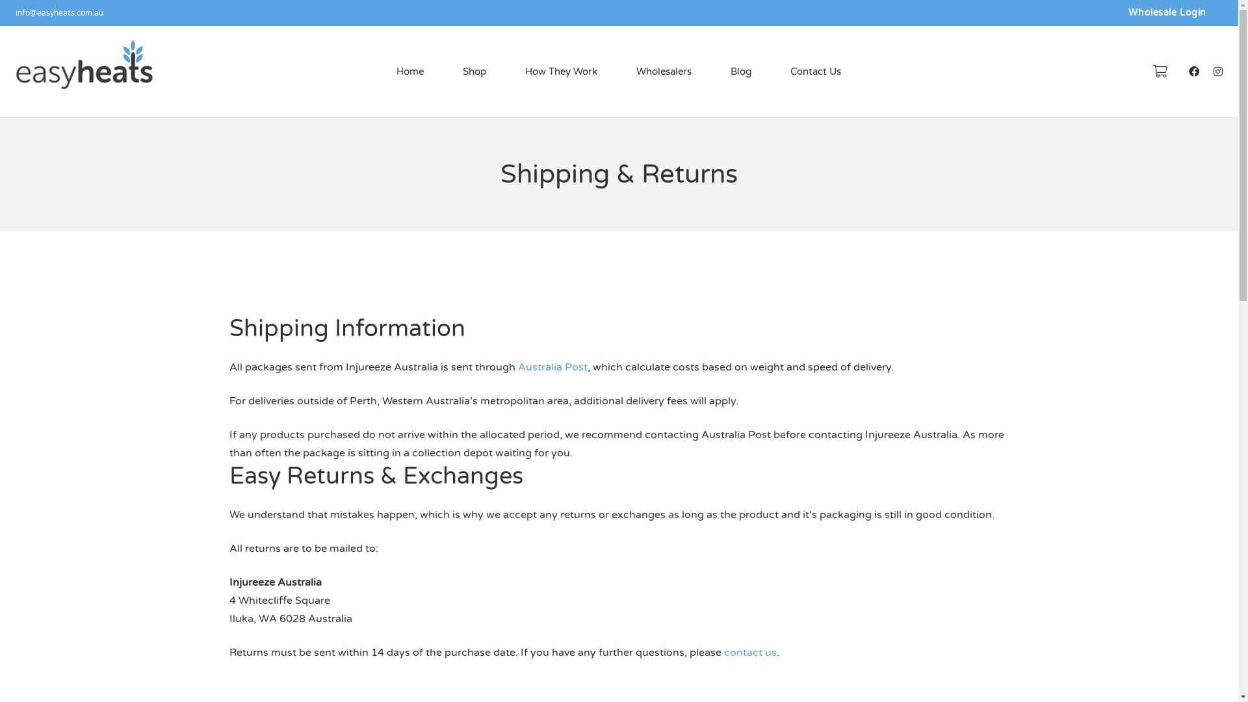 The height and width of the screenshot is (702, 1248). What do you see at coordinates (552, 367) in the screenshot?
I see `'Australia Post'` at bounding box center [552, 367].